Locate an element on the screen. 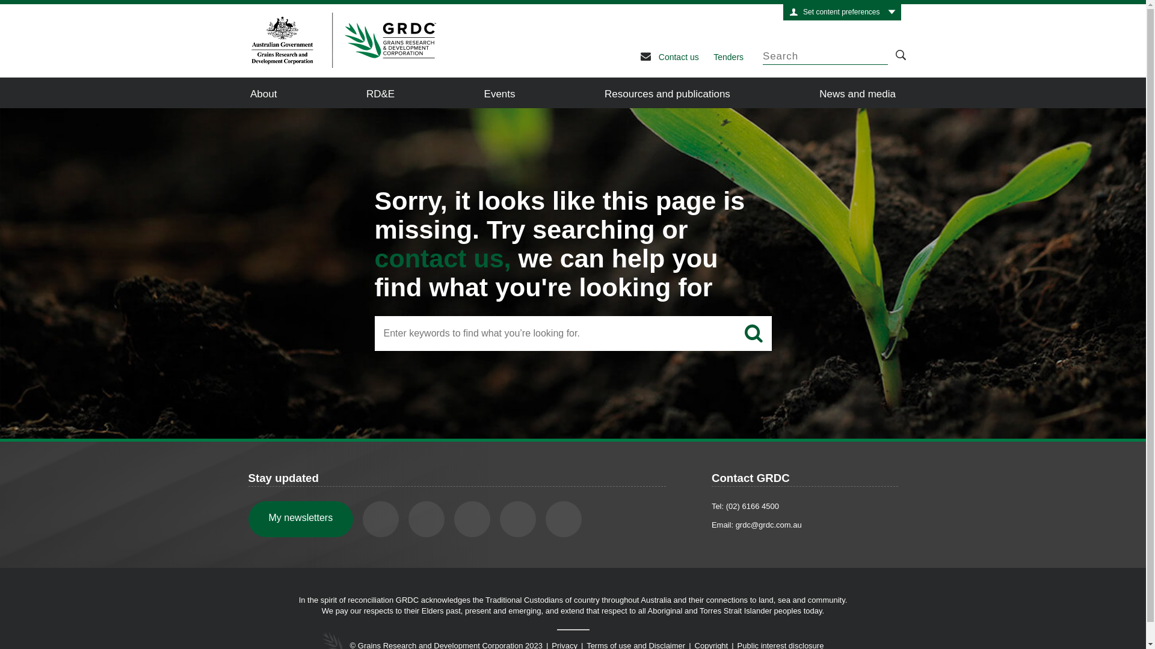 This screenshot has width=1155, height=649. 'contact us,' is located at coordinates (442, 257).